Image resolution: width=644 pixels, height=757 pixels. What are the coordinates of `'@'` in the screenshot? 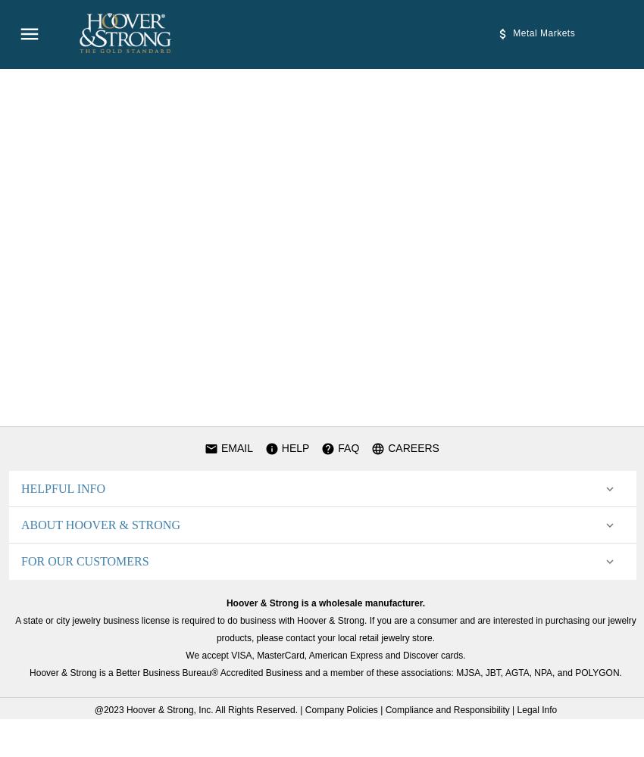 It's located at (93, 710).